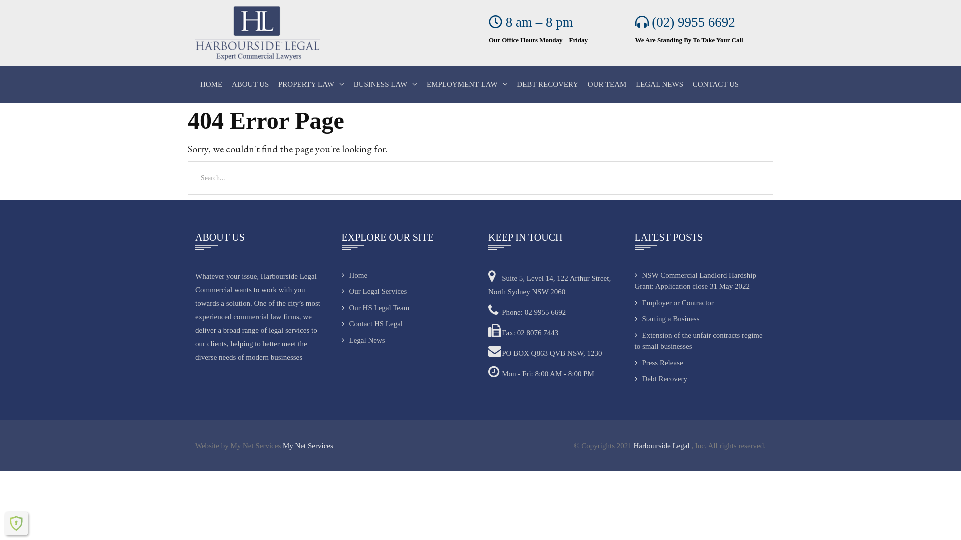 Image resolution: width=961 pixels, height=540 pixels. I want to click on 'LEGAL NEWS', so click(630, 84).